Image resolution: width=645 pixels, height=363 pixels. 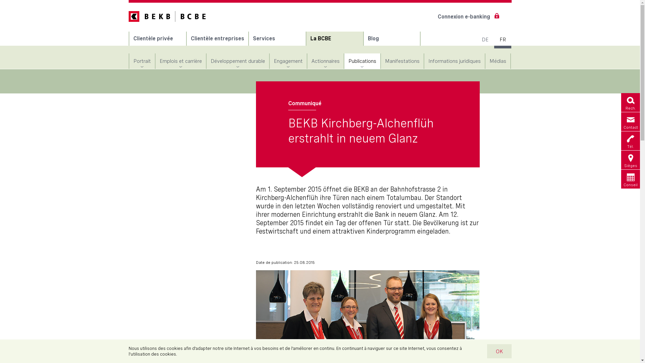 What do you see at coordinates (630, 122) in the screenshot?
I see `'Contact'` at bounding box center [630, 122].